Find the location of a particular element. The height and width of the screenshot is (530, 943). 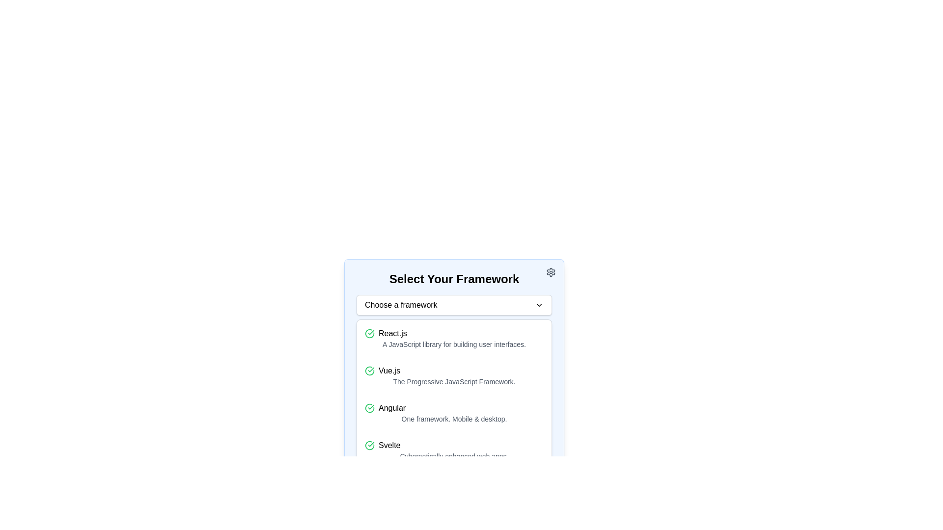

the circular green icon with a checkmark inside, indicating a successful or verified status, located to the left of the 'React.js' text label is located at coordinates (369, 333).